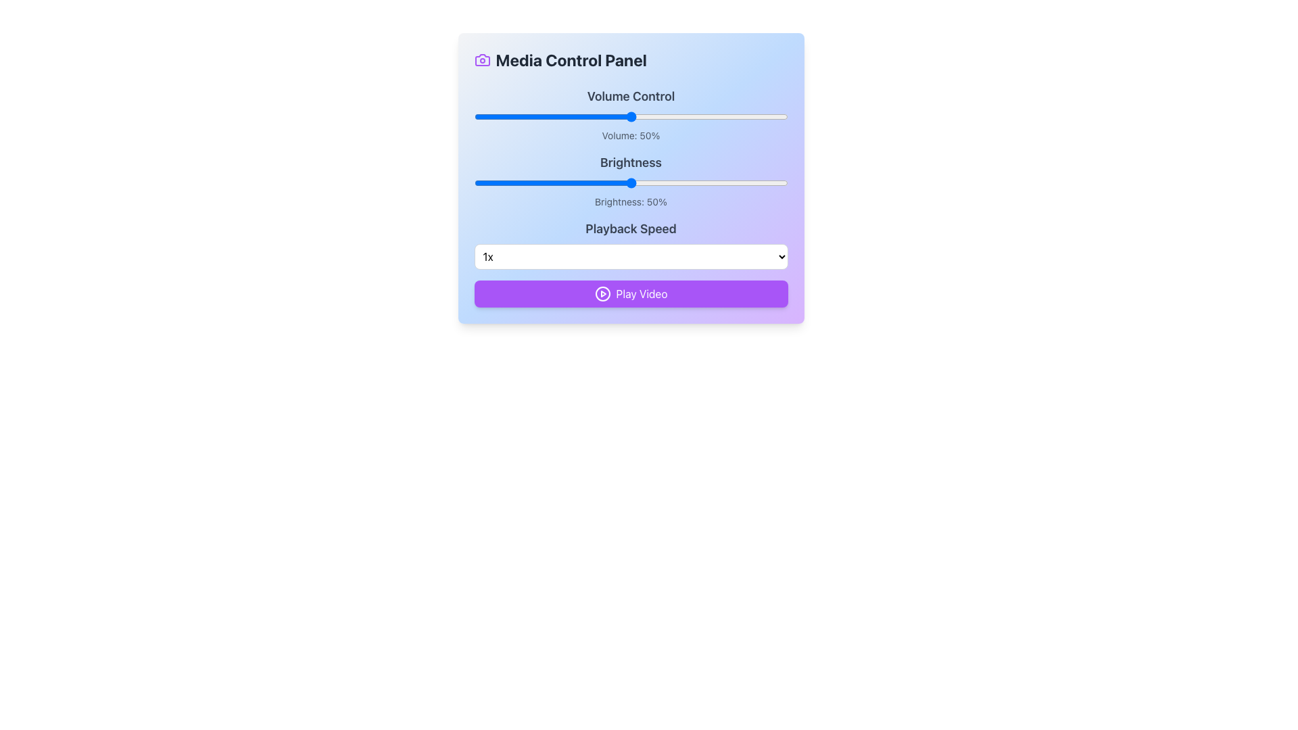  Describe the element at coordinates (630, 245) in the screenshot. I see `the dropdown menu located centrally in the Media Control Panel, which shows '1x' and a downward arrow` at that location.